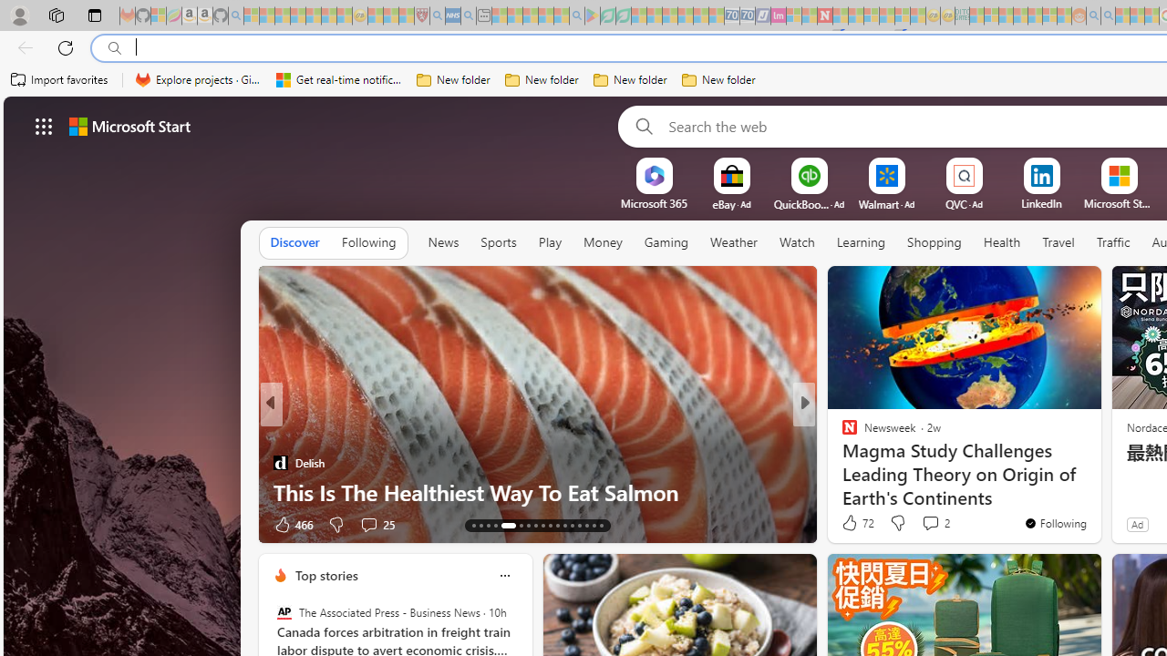  What do you see at coordinates (549, 242) in the screenshot?
I see `'Play'` at bounding box center [549, 242].